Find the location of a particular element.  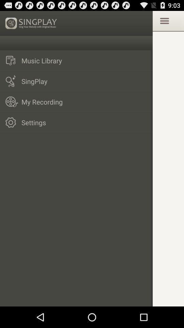

the text singplay is located at coordinates (31, 23).